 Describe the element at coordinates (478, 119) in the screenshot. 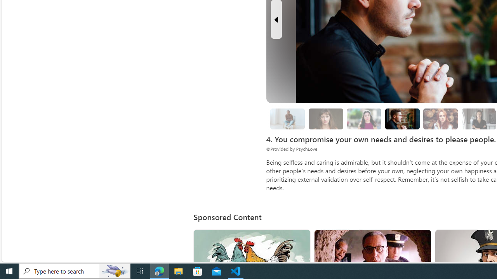

I see `'8. Surround yourself with solution-oriented people.'` at that location.